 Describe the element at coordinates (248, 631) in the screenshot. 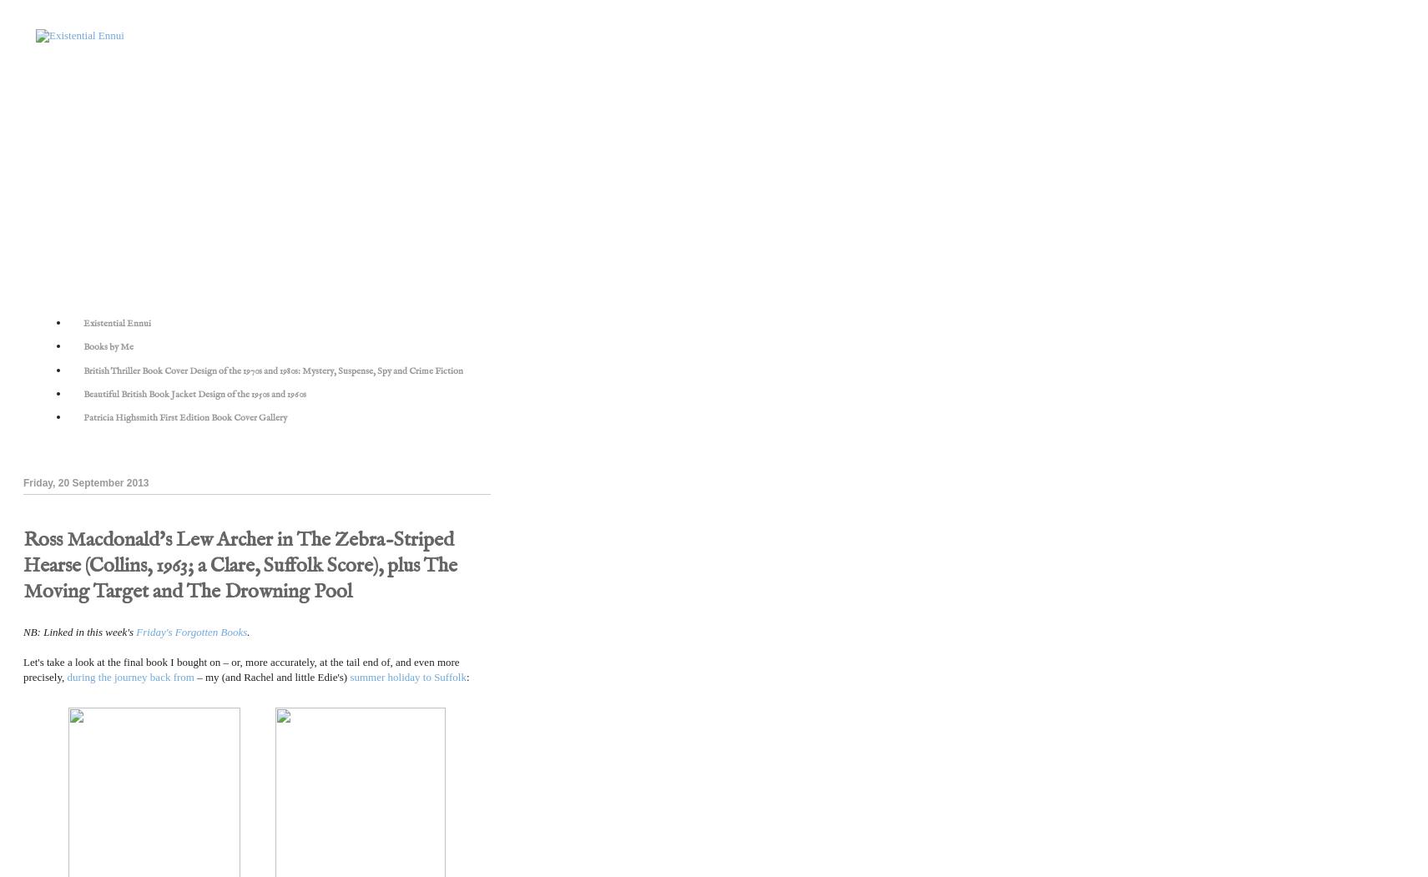

I see `'.'` at that location.